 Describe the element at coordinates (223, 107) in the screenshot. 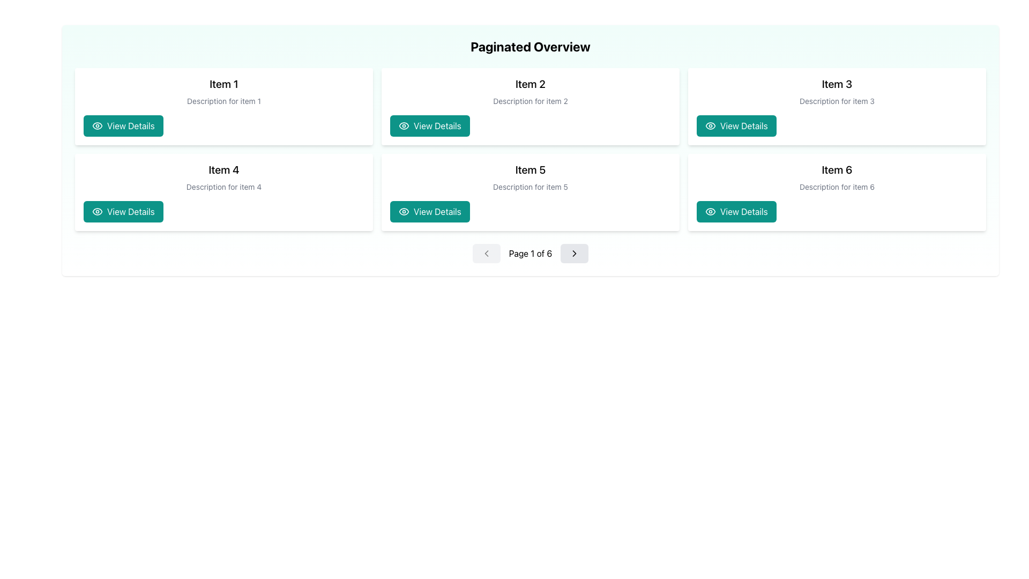

I see `title or description of the card representing 'Item 1', which is the first item in a grid layout located at the top-left corner` at that location.